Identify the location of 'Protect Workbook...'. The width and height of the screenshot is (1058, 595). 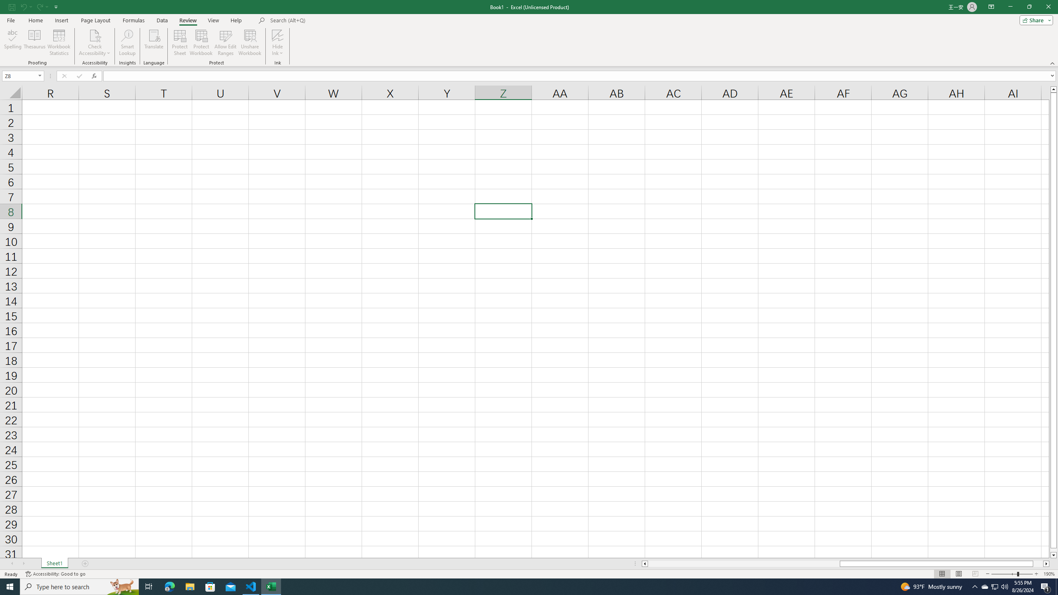
(201, 43).